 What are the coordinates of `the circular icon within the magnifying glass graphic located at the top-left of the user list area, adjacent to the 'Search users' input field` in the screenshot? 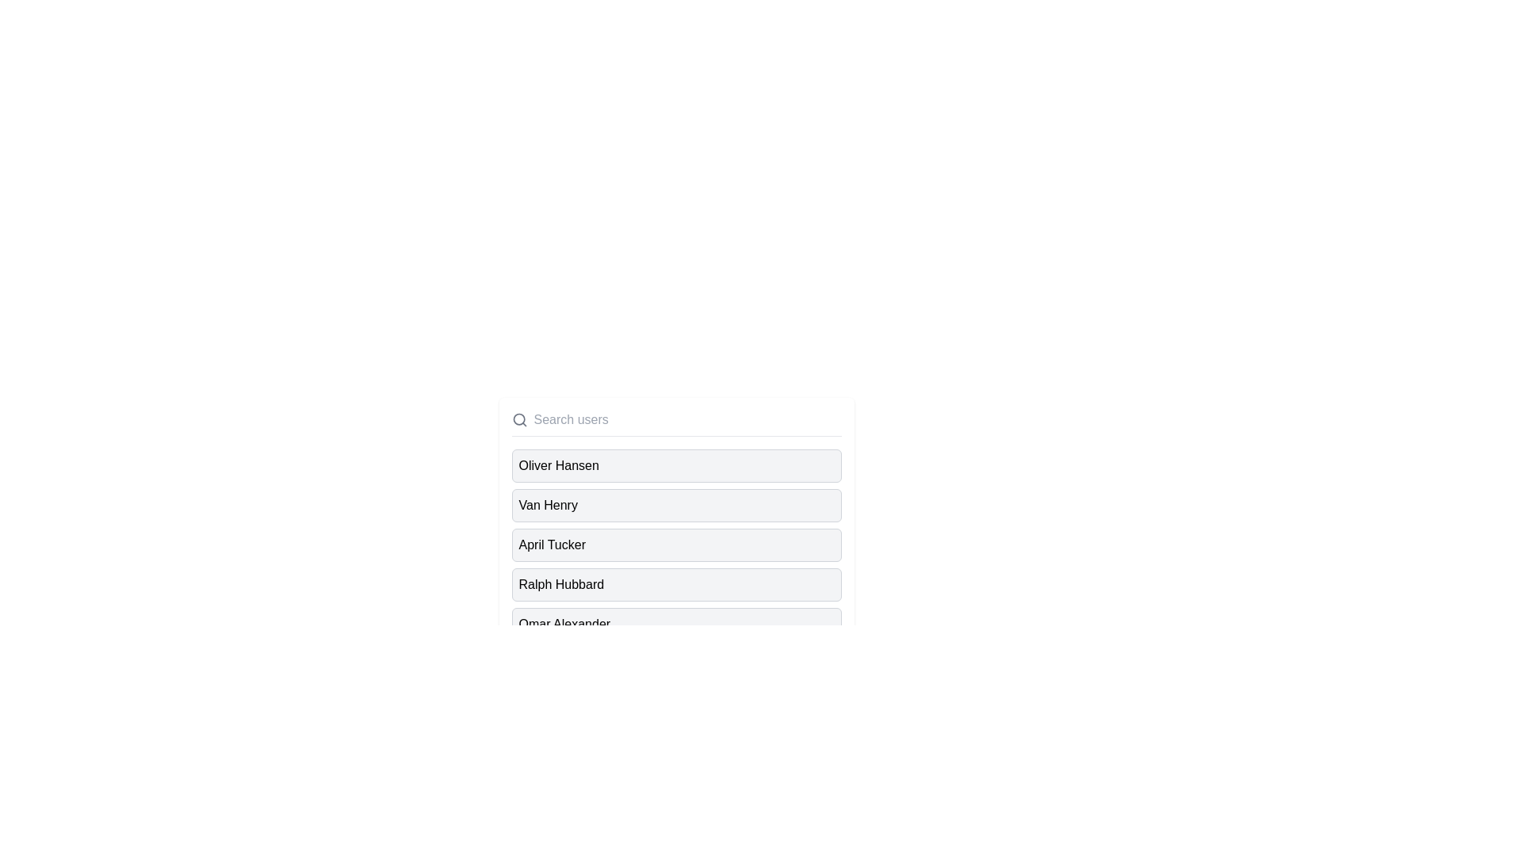 It's located at (518, 418).